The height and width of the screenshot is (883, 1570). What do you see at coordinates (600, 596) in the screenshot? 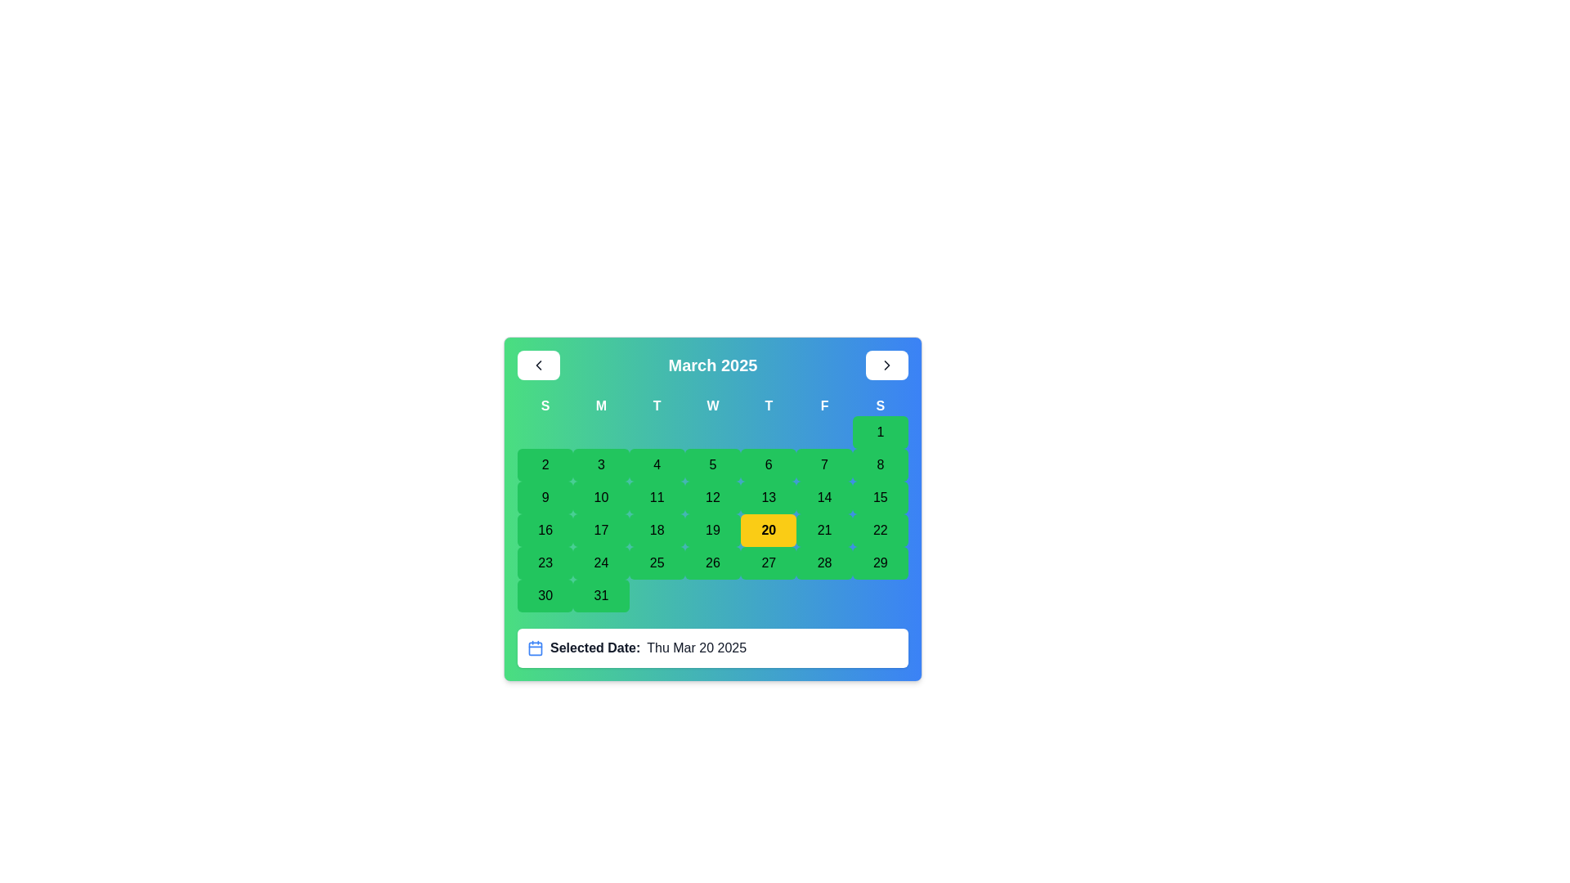
I see `the button representing the 31st day of the month in the calendar interface` at bounding box center [600, 596].